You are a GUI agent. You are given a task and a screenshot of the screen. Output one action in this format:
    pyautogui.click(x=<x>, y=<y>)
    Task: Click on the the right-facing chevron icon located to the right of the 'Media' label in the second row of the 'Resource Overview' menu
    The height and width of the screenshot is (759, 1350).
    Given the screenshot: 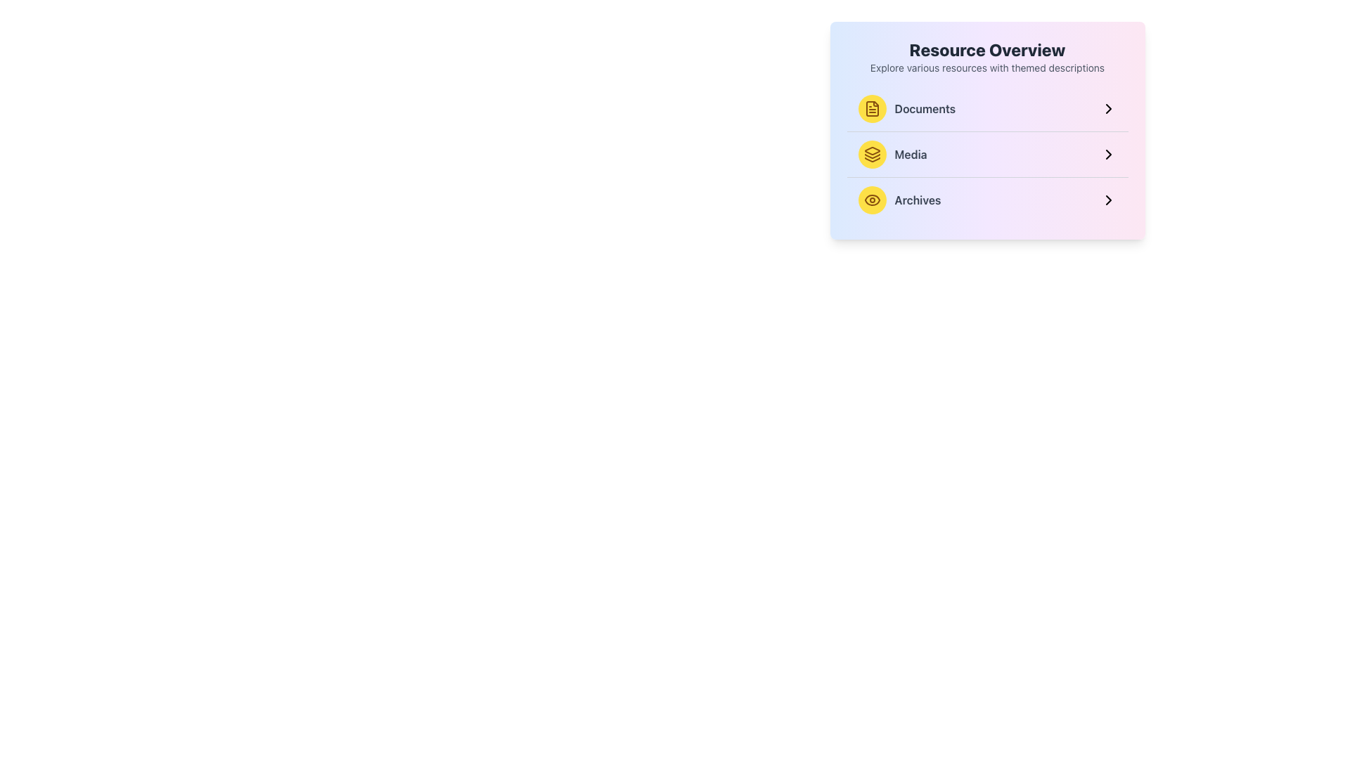 What is the action you would take?
    pyautogui.click(x=1107, y=154)
    